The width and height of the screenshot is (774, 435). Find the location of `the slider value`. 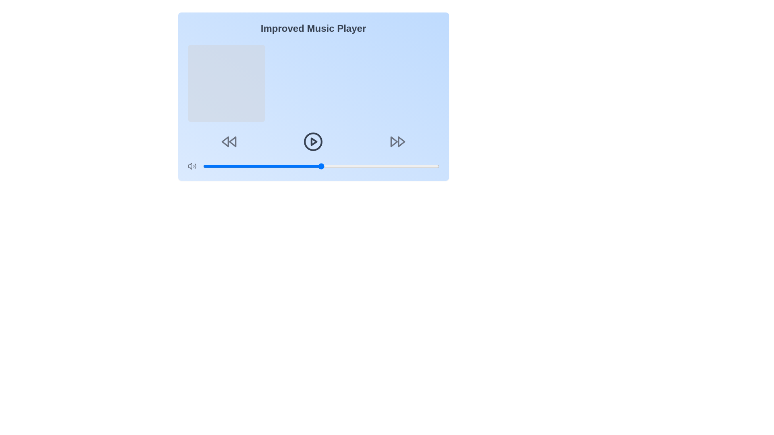

the slider value is located at coordinates (279, 166).